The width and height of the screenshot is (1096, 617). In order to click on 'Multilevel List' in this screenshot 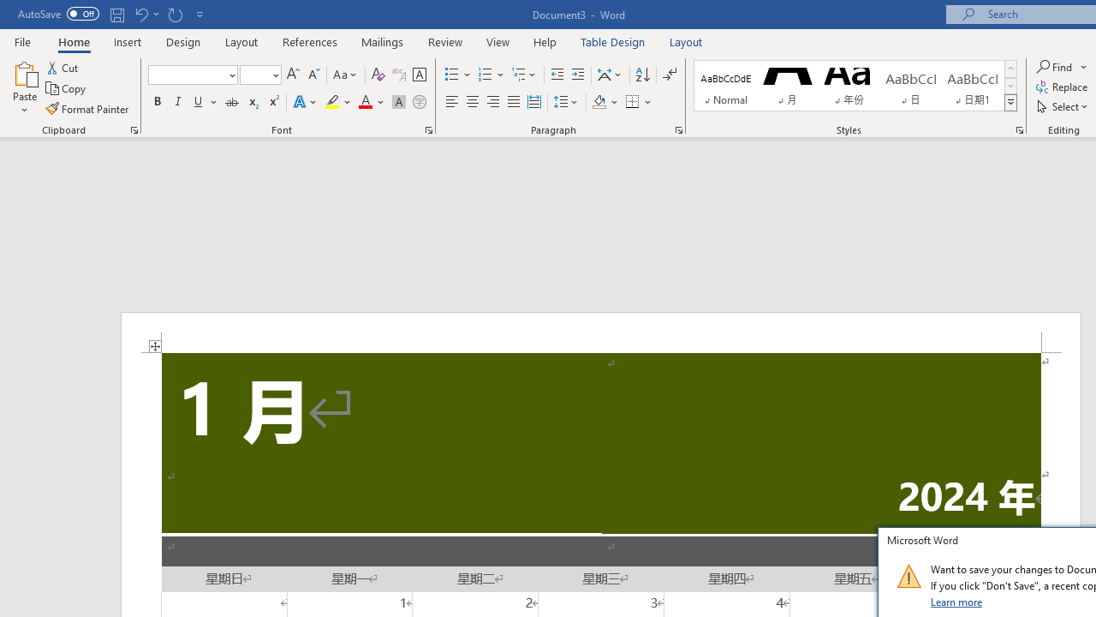, I will do `click(524, 74)`.